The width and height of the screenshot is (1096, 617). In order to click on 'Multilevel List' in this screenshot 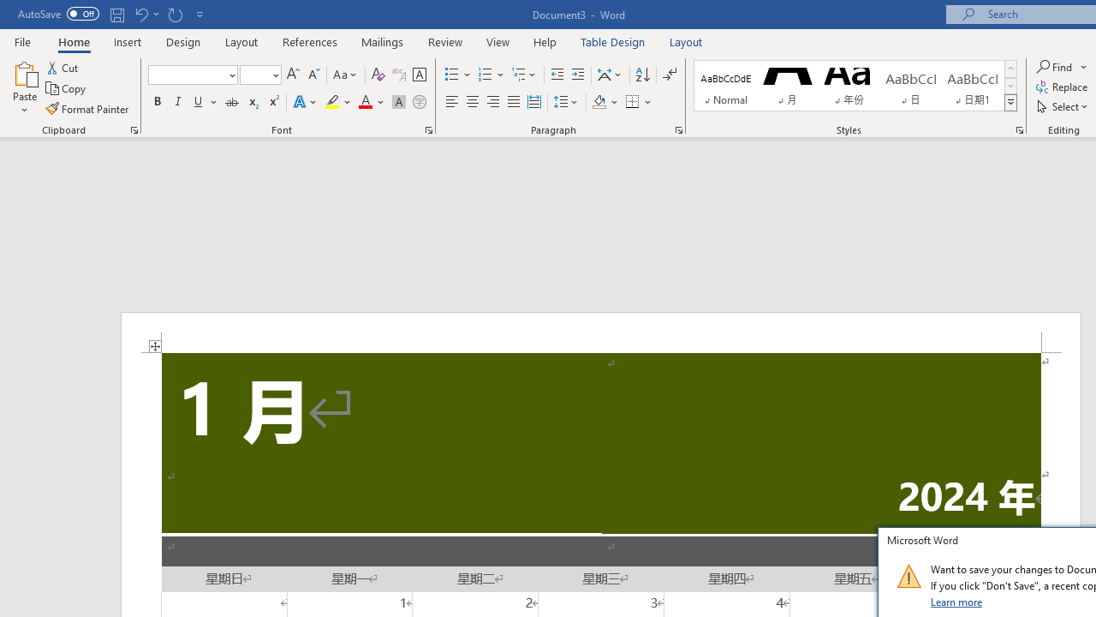, I will do `click(524, 74)`.